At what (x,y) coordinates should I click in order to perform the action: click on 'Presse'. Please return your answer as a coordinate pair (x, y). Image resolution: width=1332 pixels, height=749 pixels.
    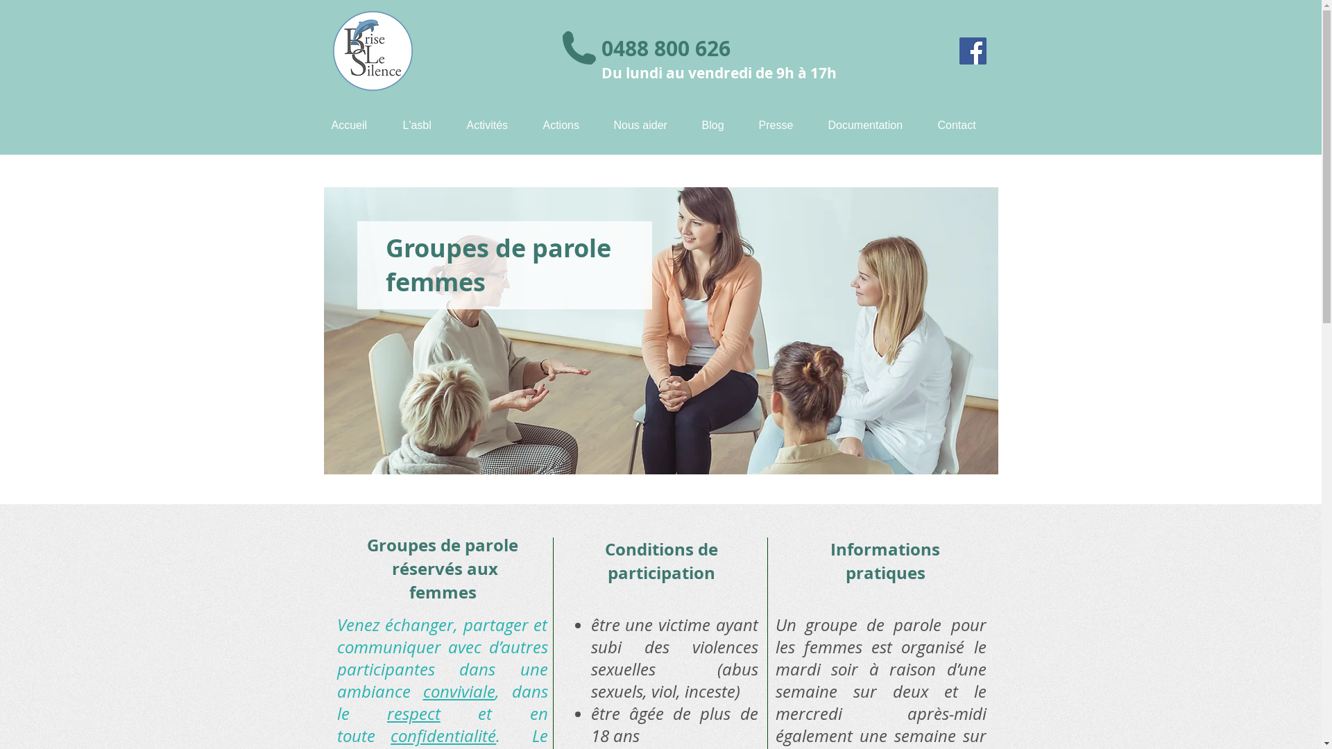
    Looking at the image, I should click on (783, 125).